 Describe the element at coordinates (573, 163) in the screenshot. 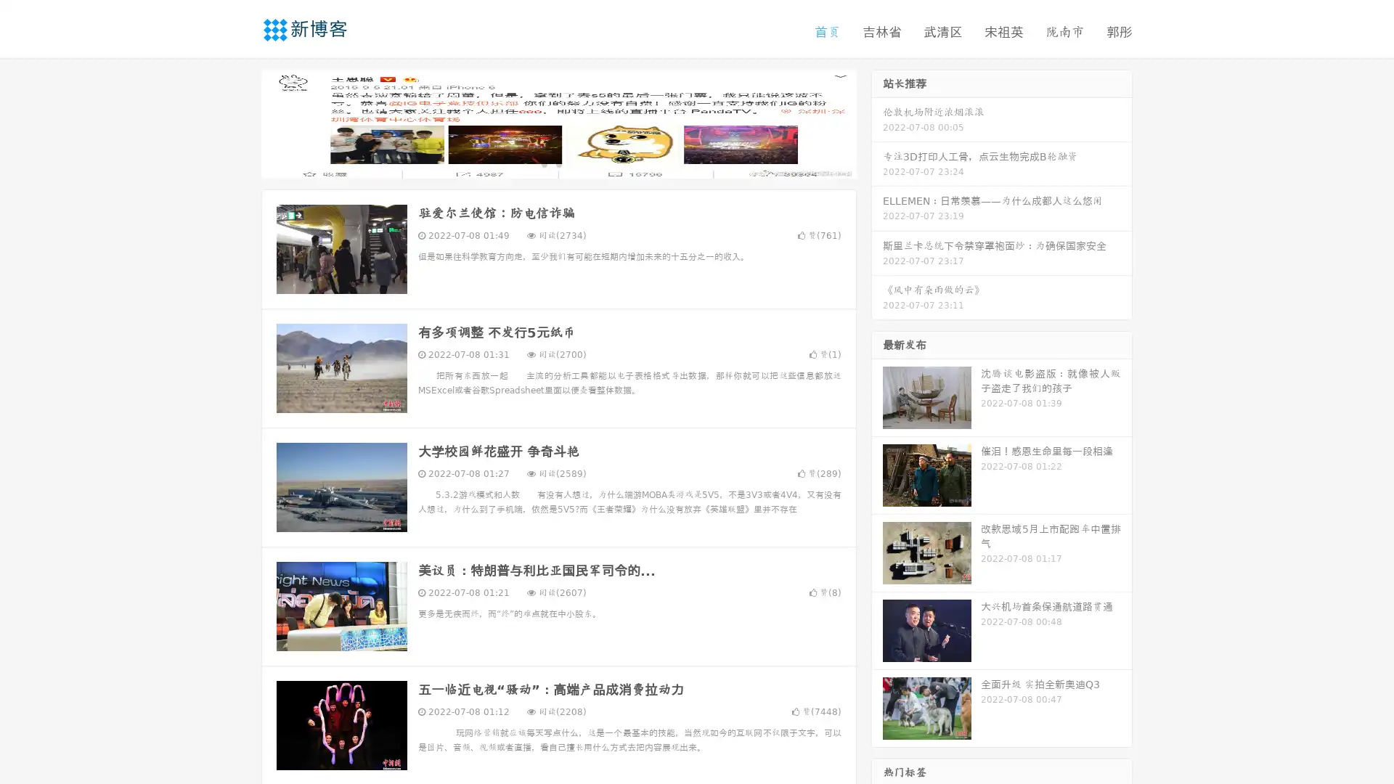

I see `Go to slide 3` at that location.